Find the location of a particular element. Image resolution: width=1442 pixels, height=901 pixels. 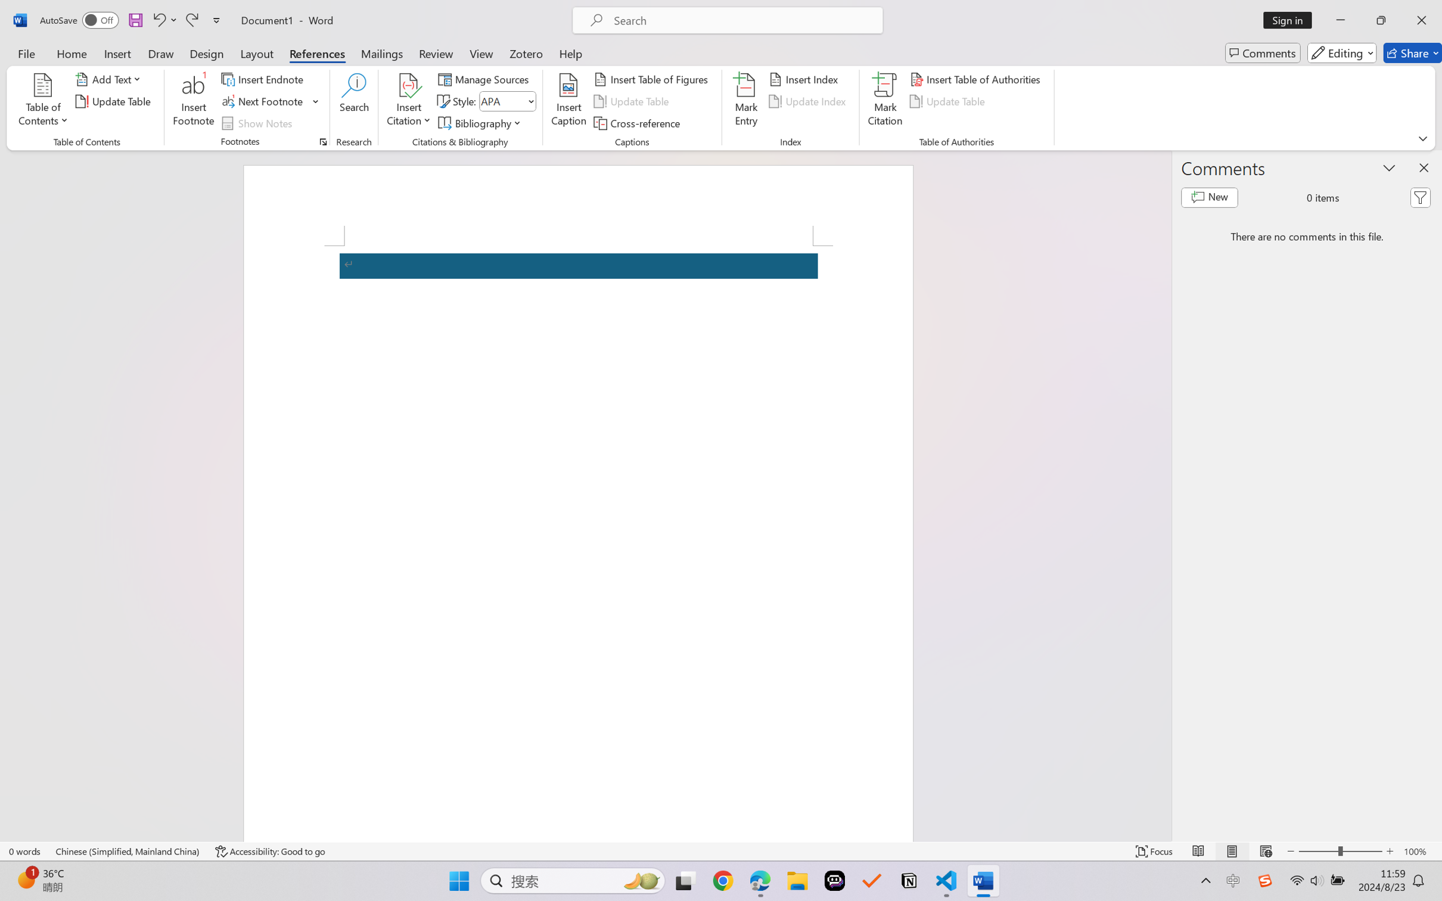

'Show Notes' is located at coordinates (259, 123).